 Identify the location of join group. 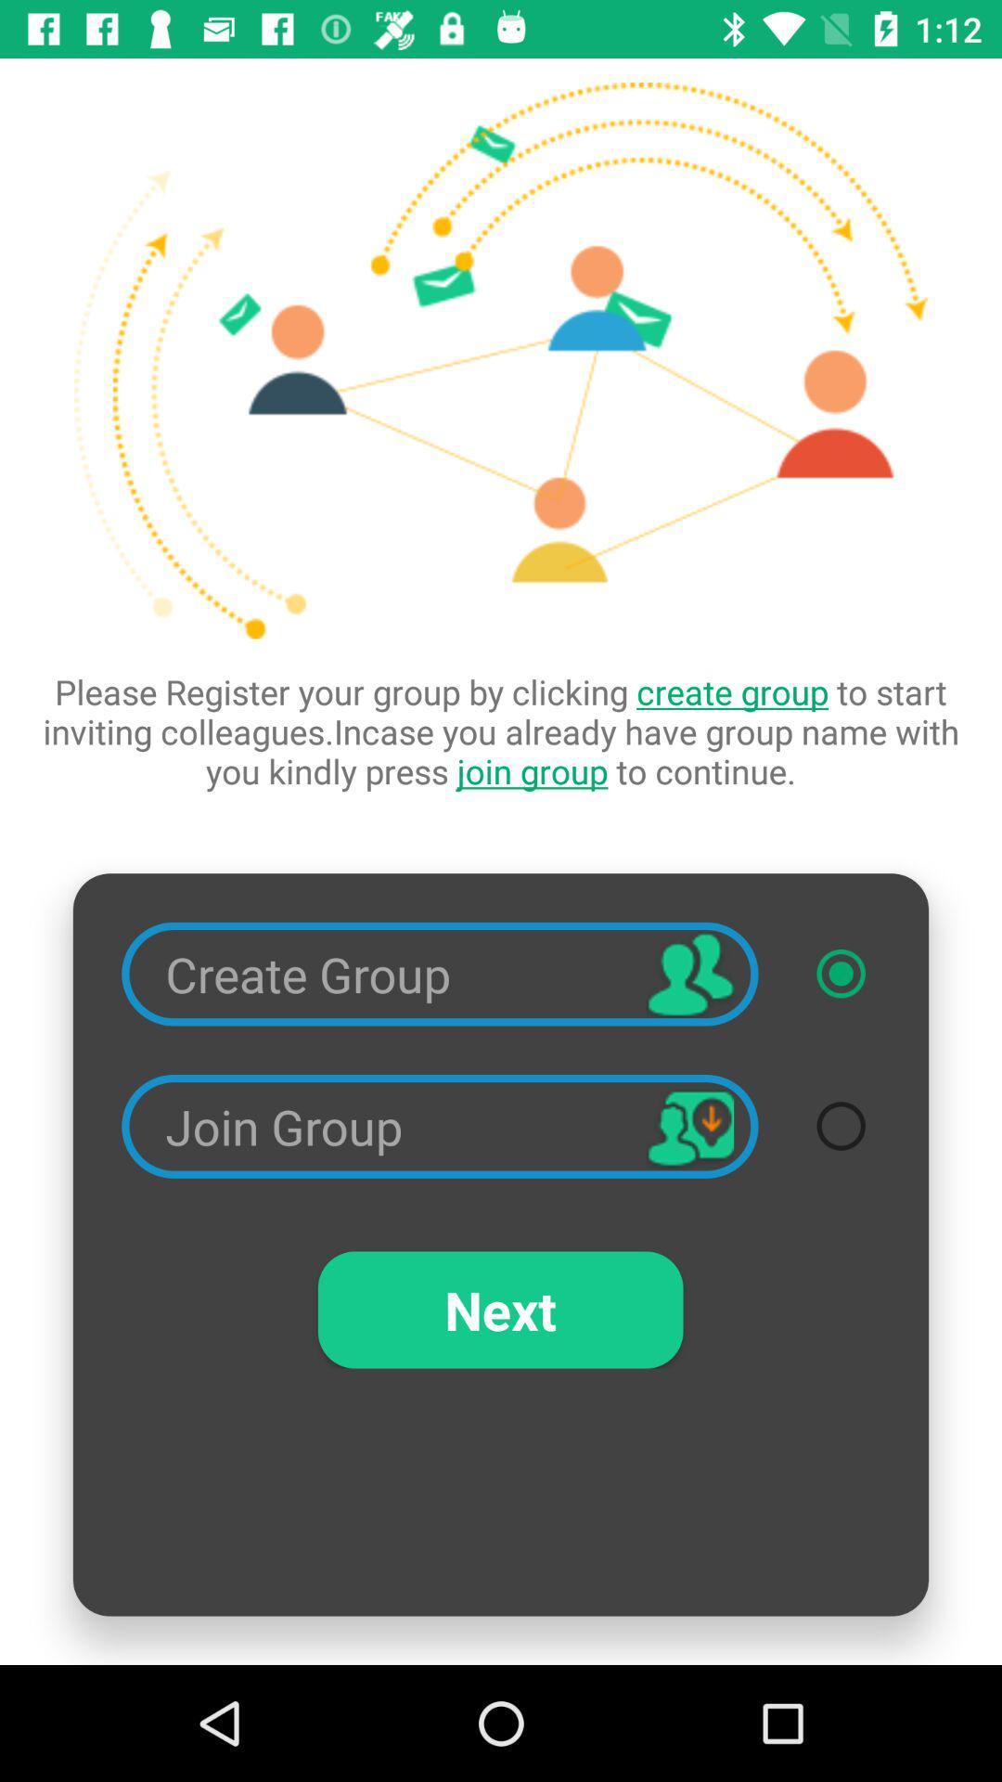
(841, 1125).